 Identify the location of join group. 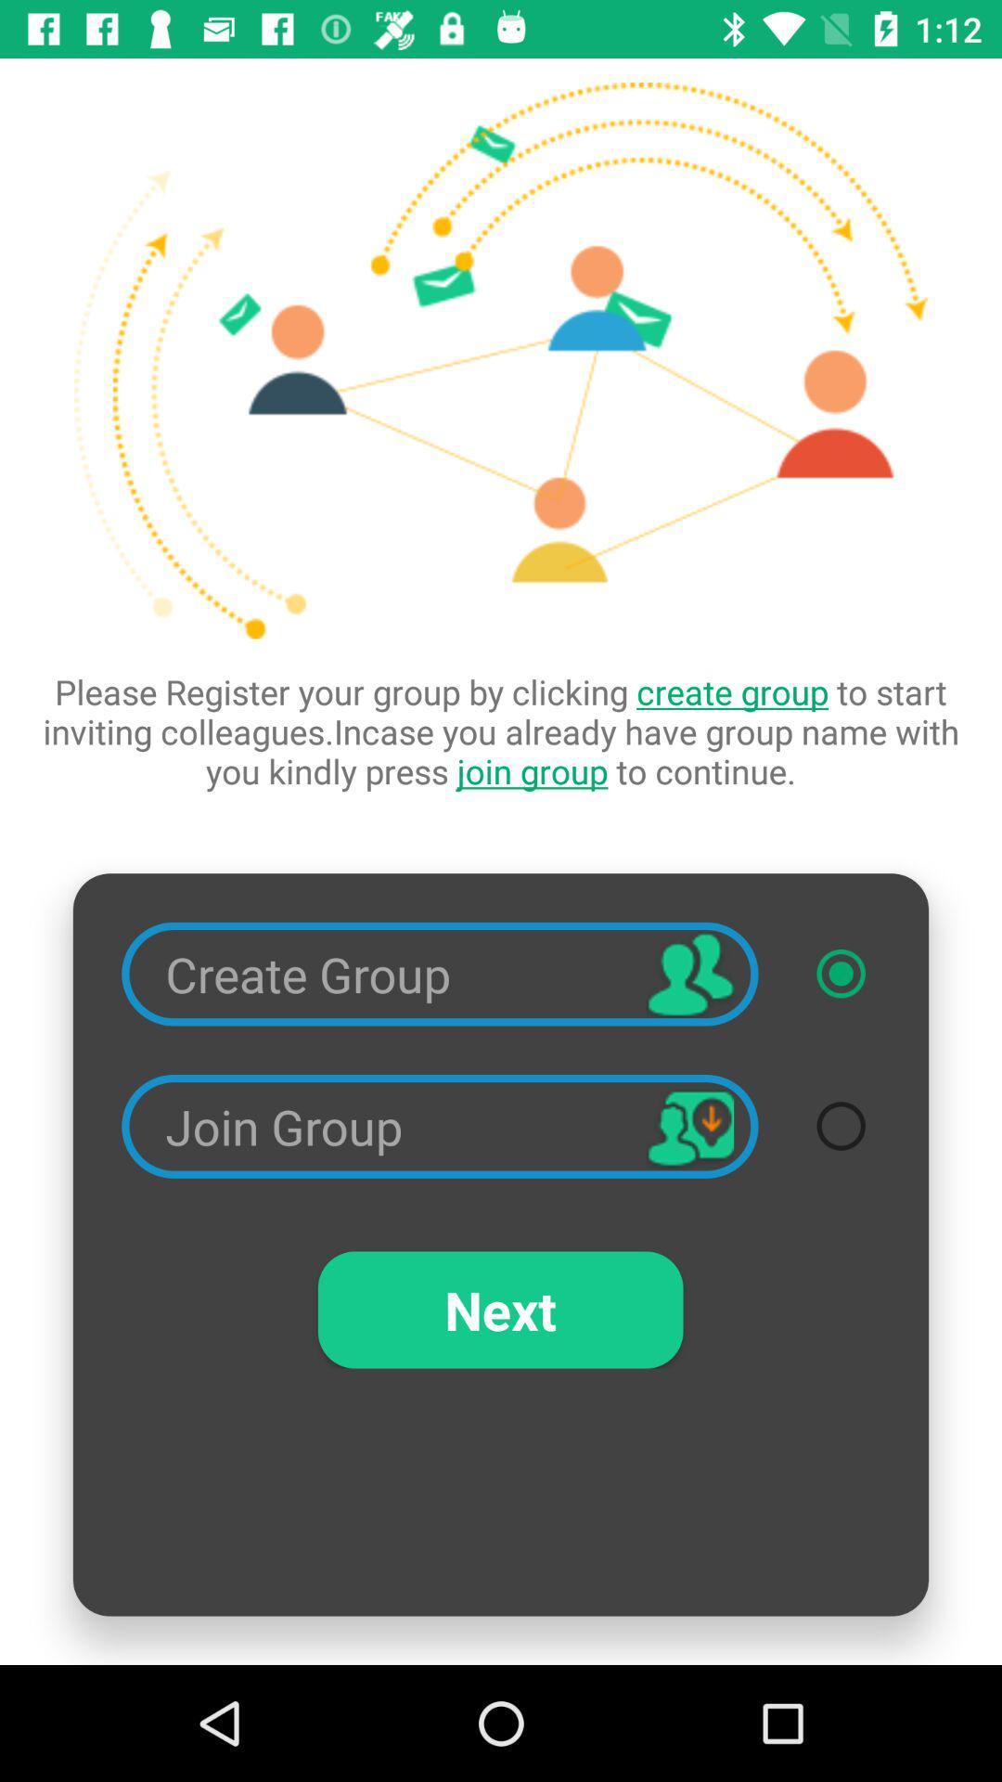
(841, 1125).